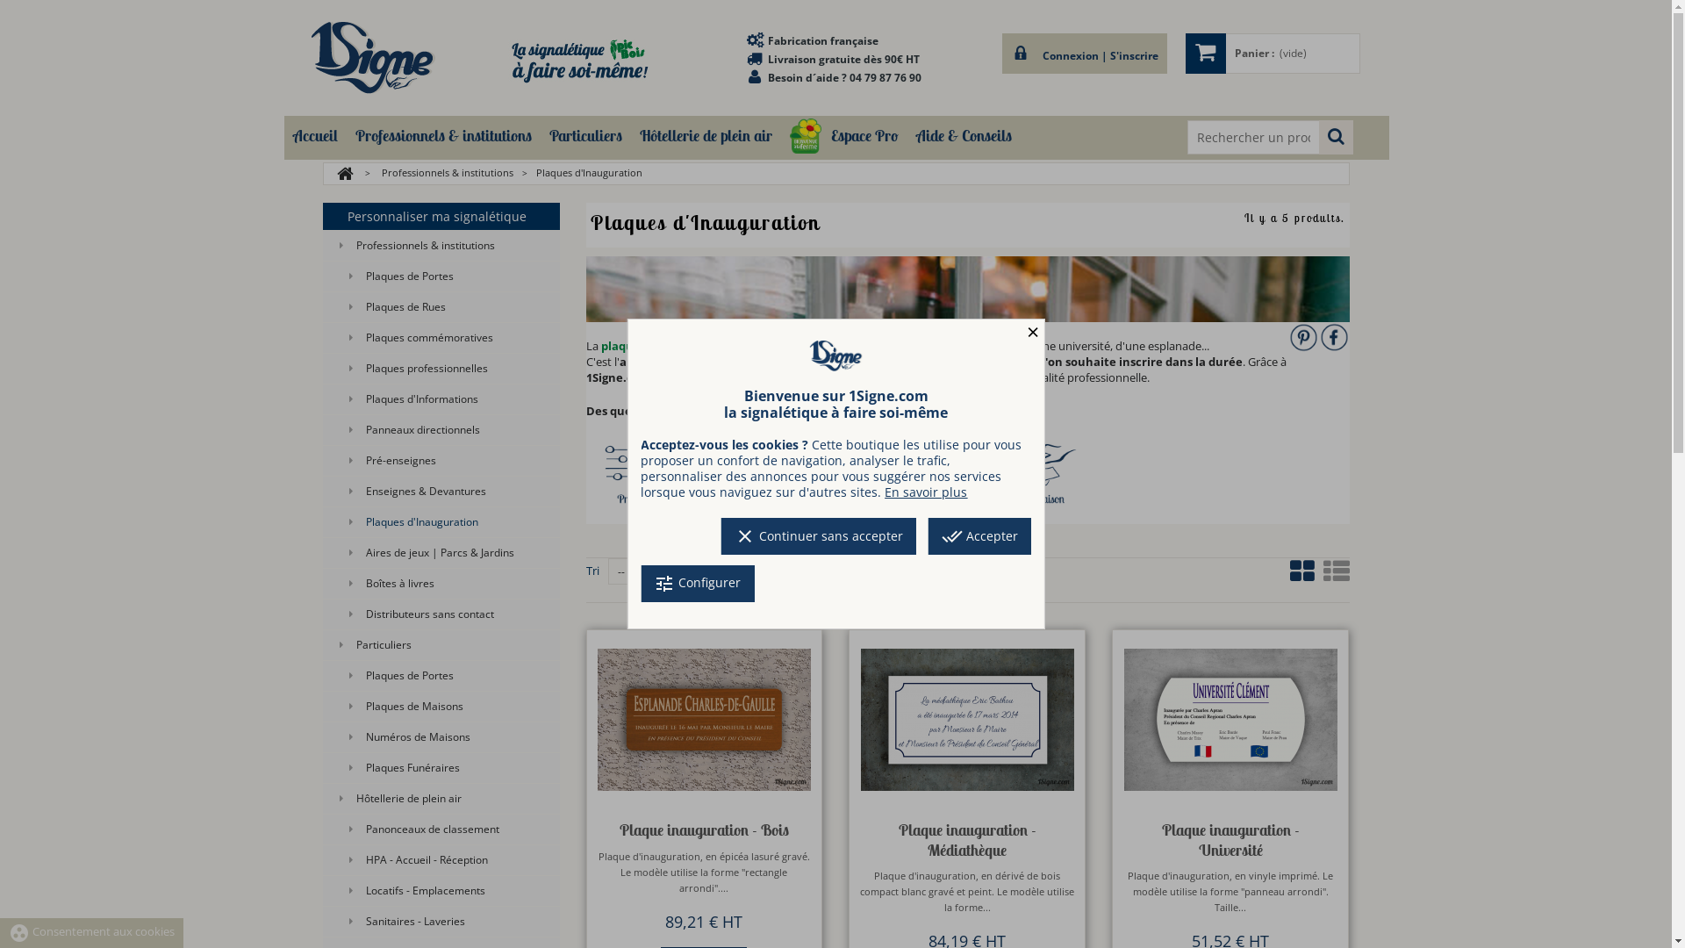  What do you see at coordinates (441, 613) in the screenshot?
I see `'Distributeurs sans contact'` at bounding box center [441, 613].